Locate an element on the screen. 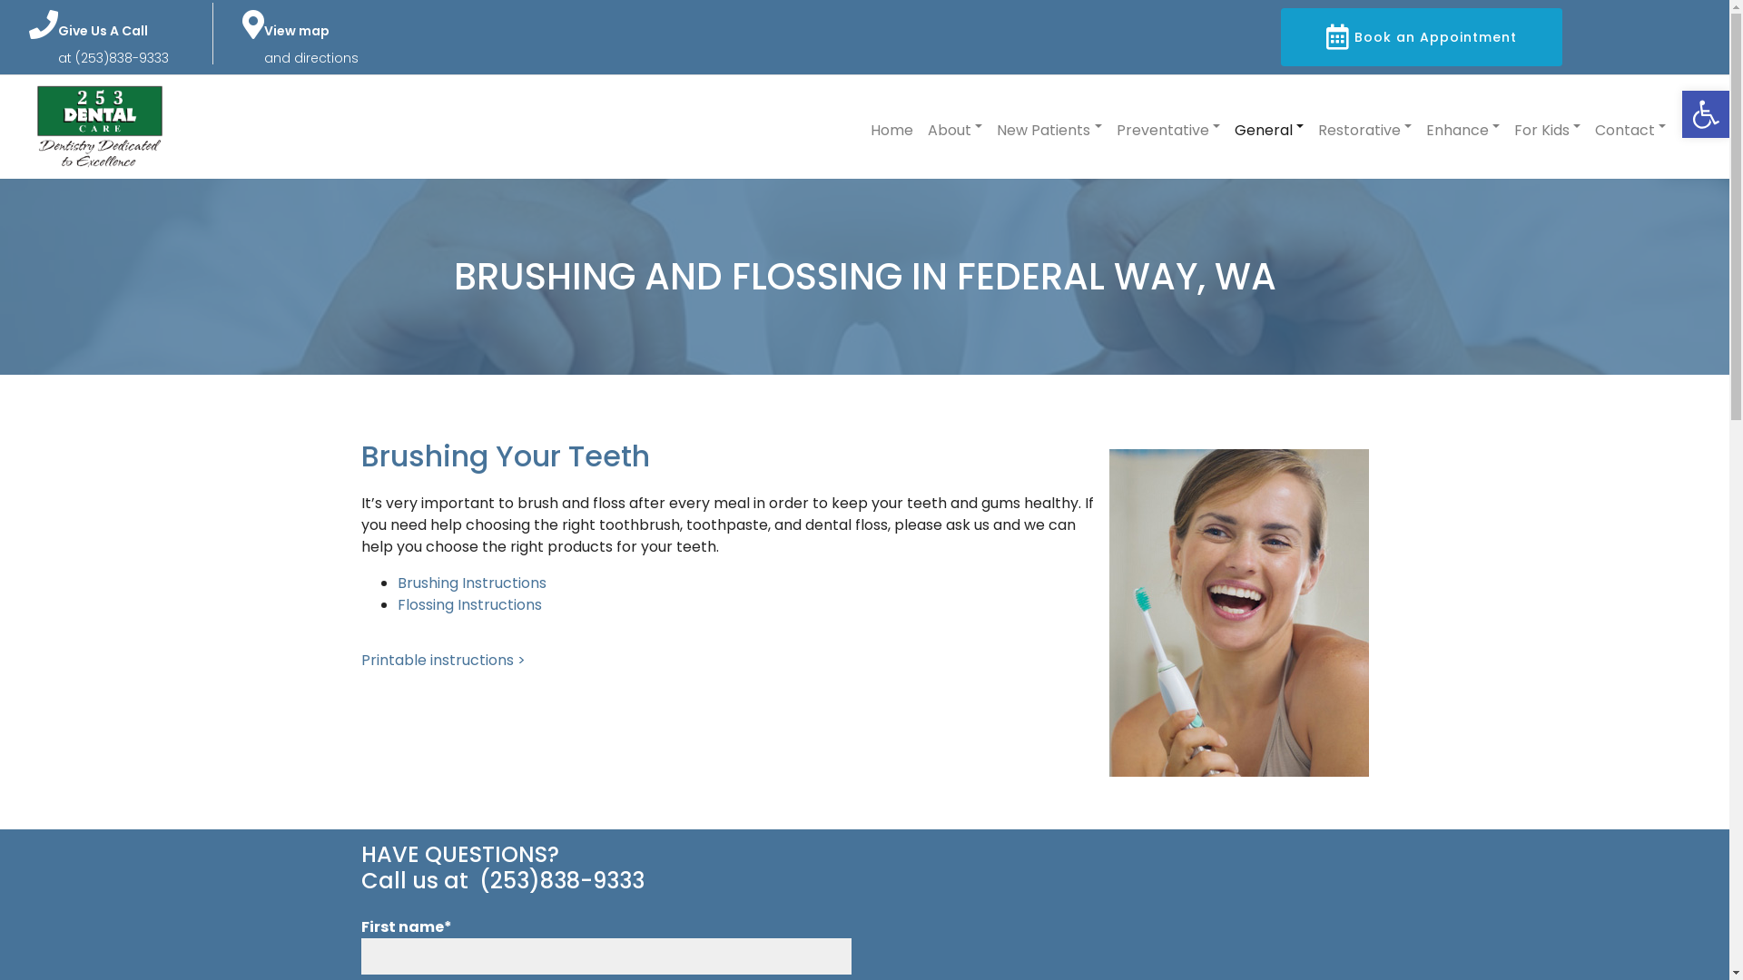  'Book an Appointment' is located at coordinates (1280, 37).